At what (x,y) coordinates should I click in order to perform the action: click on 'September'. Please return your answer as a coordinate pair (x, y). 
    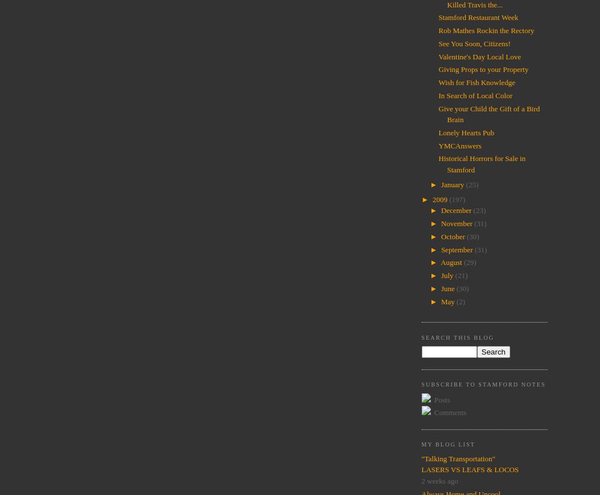
    Looking at the image, I should click on (457, 248).